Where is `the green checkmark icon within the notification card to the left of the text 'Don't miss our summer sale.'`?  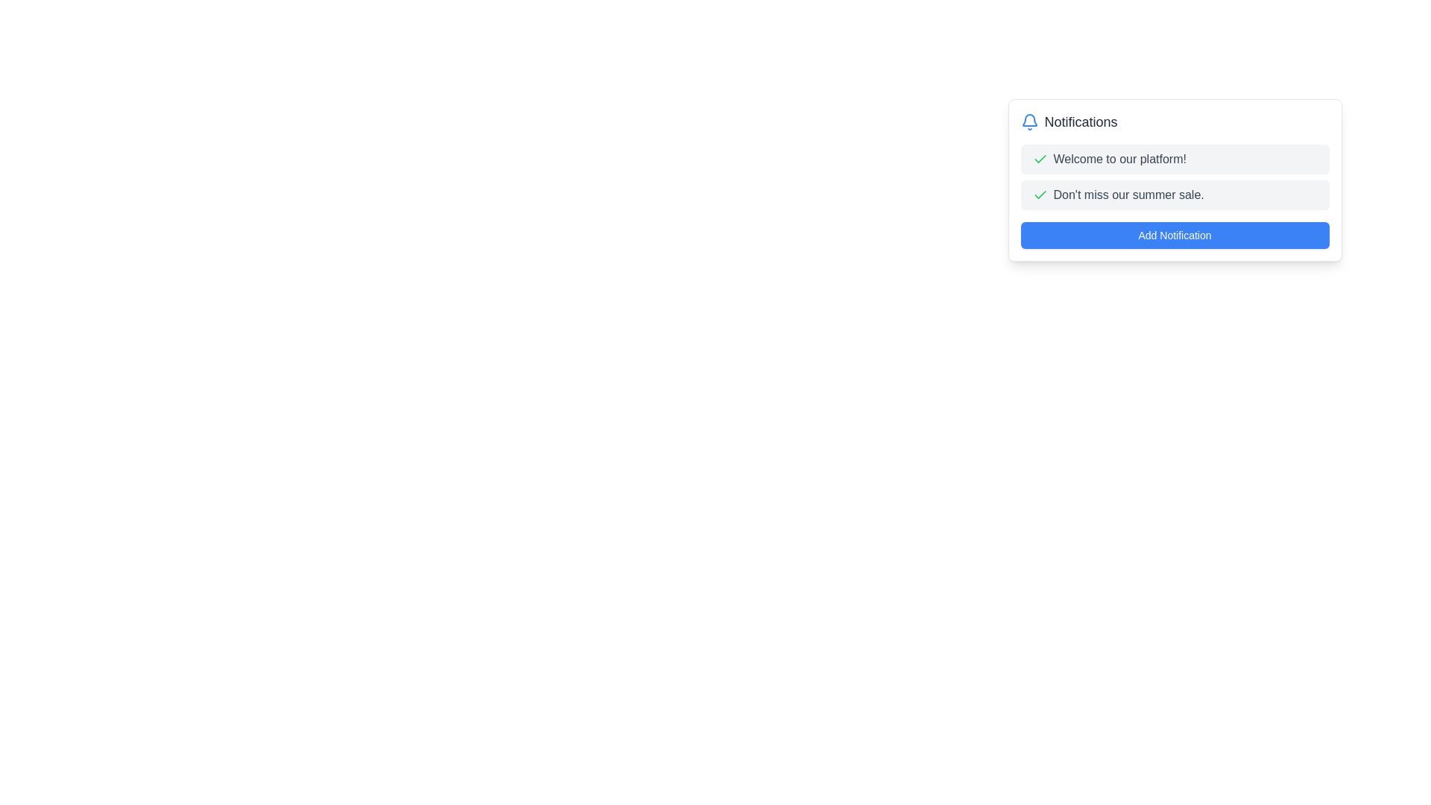
the green checkmark icon within the notification card to the left of the text 'Don't miss our summer sale.' is located at coordinates (1039, 159).